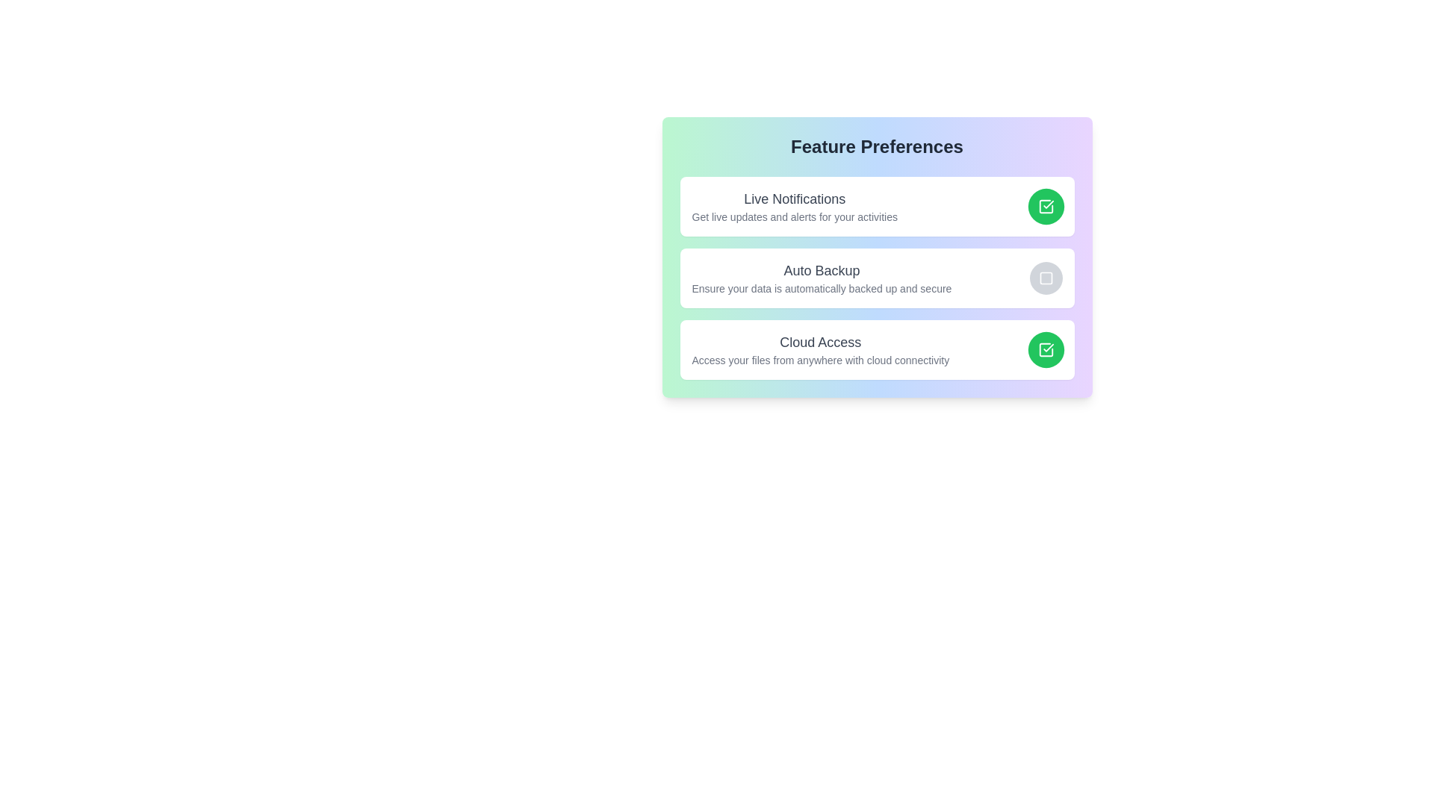 This screenshot has height=806, width=1434. Describe the element at coordinates (1045, 350) in the screenshot. I see `the circular green button with a white checkmark icon located to the right of the 'Cloud Access' text` at that location.